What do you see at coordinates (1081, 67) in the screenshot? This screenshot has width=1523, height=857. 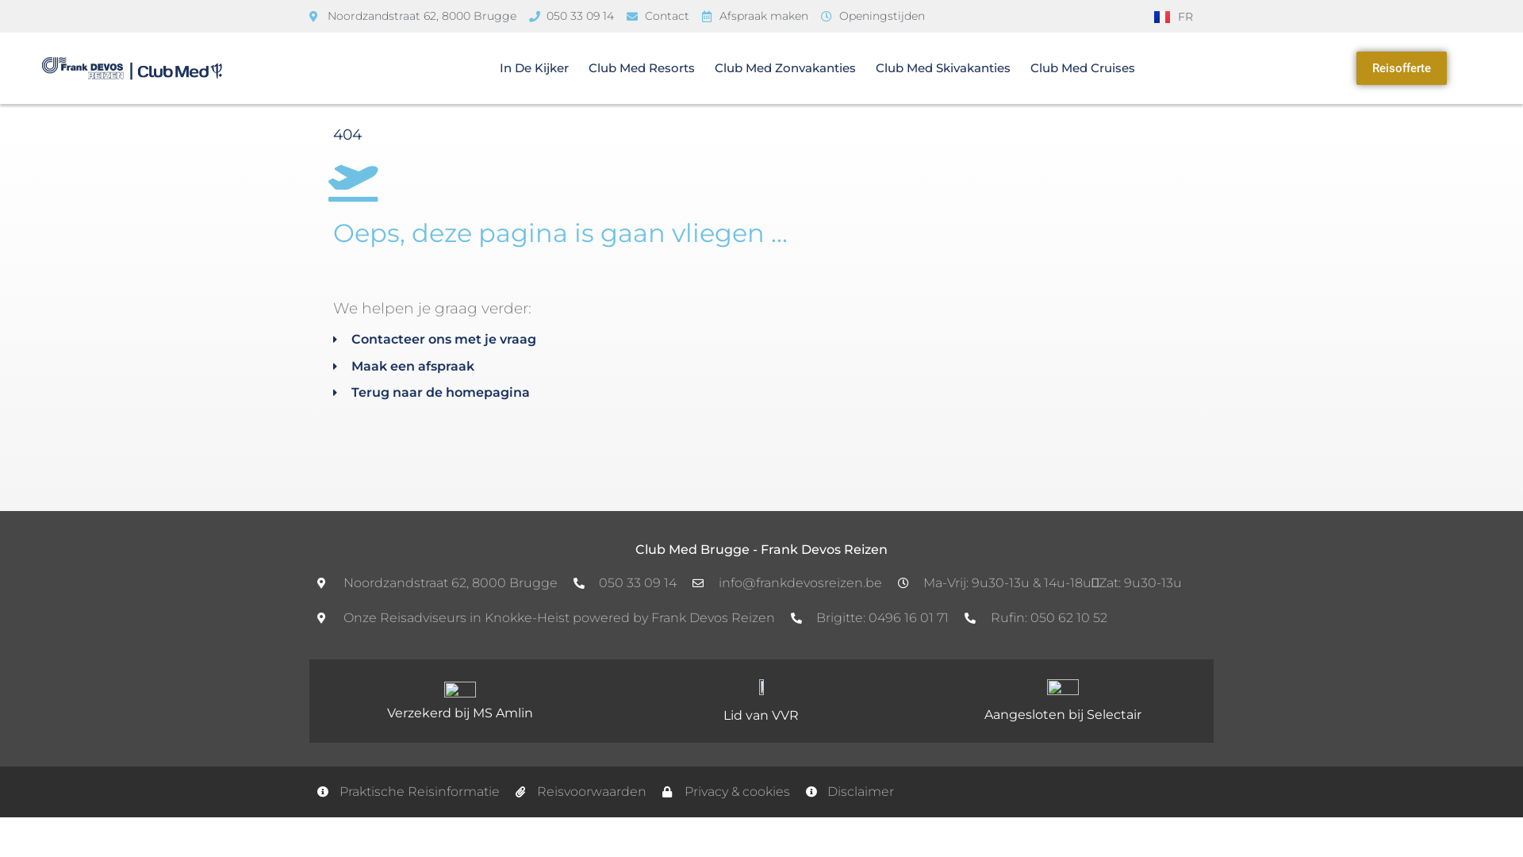 I see `'Club Med Cruises'` at bounding box center [1081, 67].